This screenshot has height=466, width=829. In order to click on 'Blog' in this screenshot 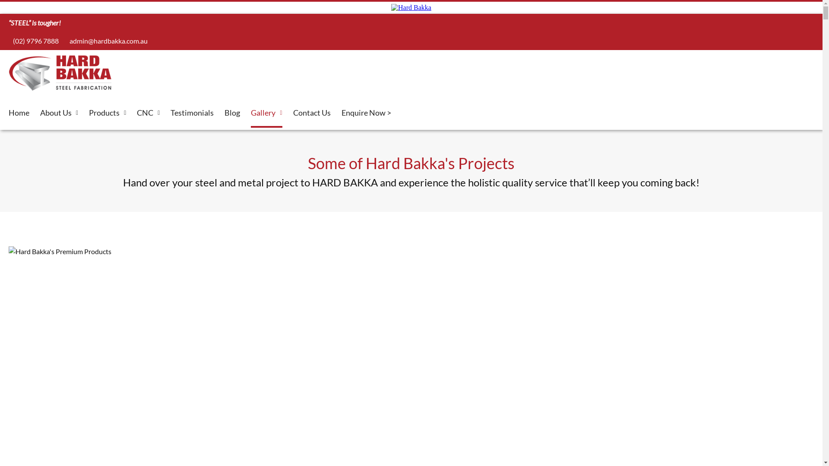, I will do `click(232, 113)`.